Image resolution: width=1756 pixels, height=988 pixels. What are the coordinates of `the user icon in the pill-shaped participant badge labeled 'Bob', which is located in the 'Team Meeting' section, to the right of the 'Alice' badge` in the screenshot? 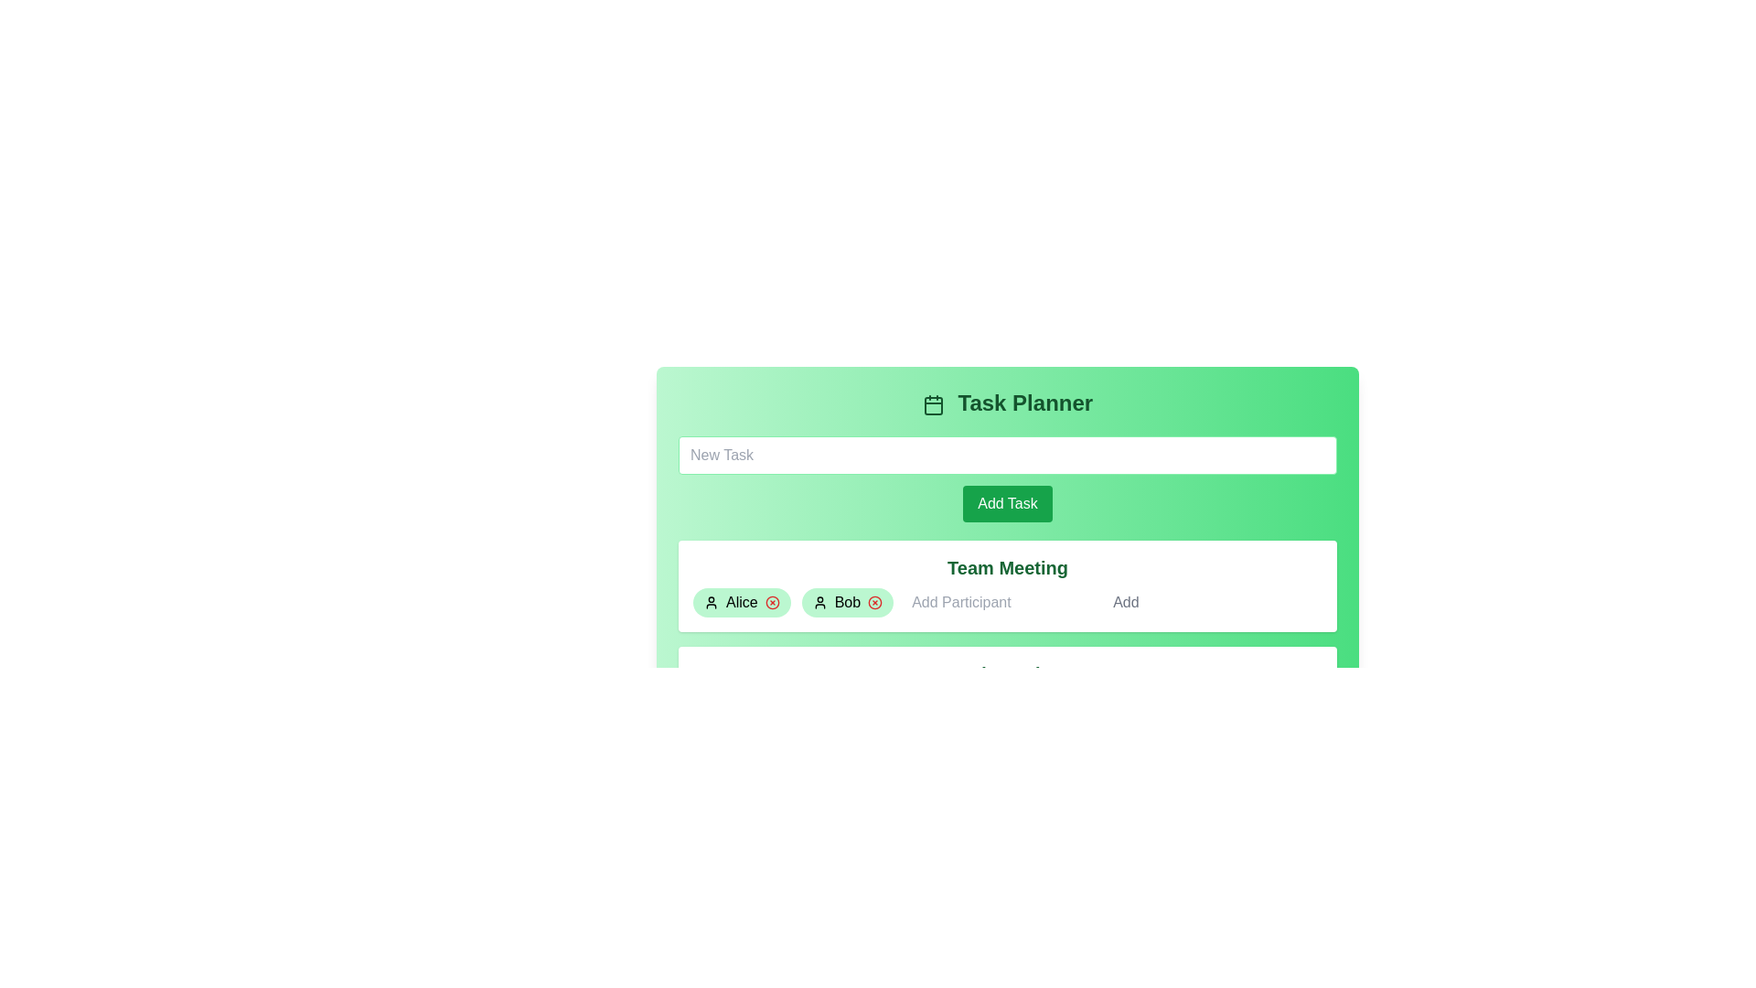 It's located at (846, 603).